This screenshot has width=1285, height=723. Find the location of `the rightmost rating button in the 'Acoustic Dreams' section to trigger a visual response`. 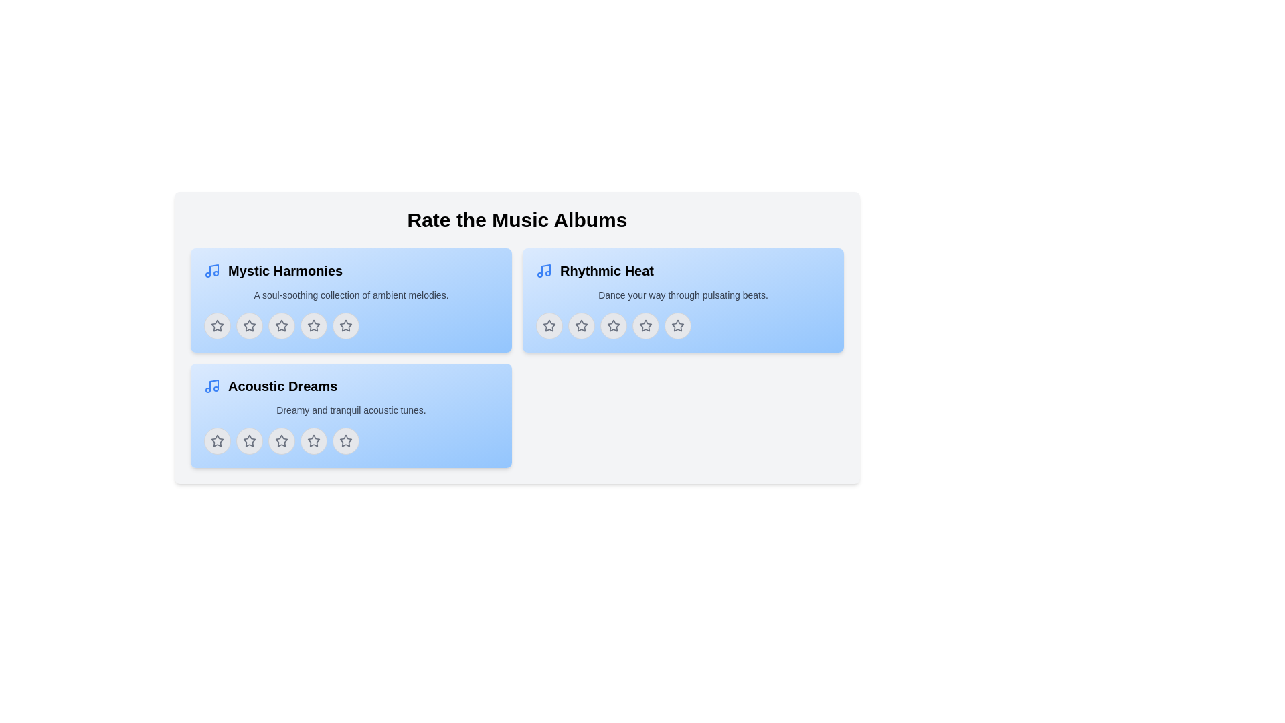

the rightmost rating button in the 'Acoustic Dreams' section to trigger a visual response is located at coordinates (346, 441).